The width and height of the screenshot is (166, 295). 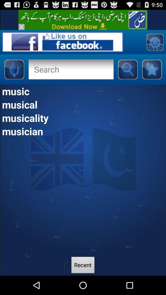 What do you see at coordinates (83, 91) in the screenshot?
I see `music item` at bounding box center [83, 91].